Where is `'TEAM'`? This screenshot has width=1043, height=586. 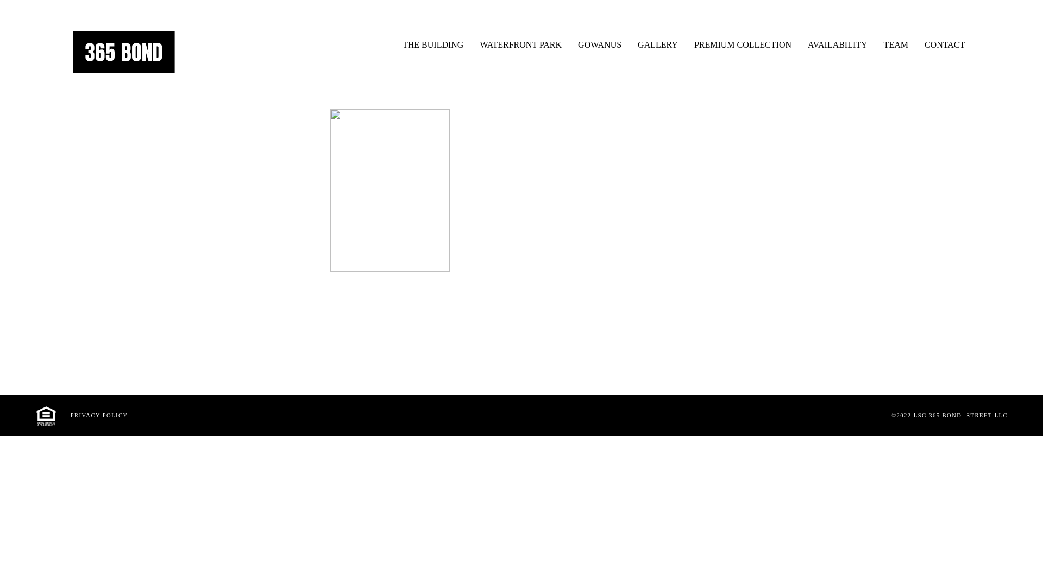
'TEAM' is located at coordinates (896, 41).